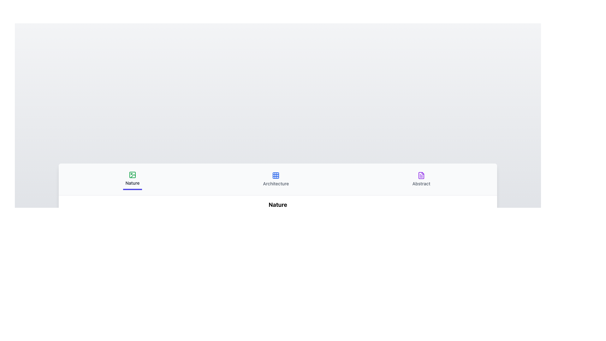 This screenshot has width=606, height=341. I want to click on the blue rounded icon representing the 'Architecture' tab, which is positioned centrally between 'Nature' and 'Abstract' in the tab arrangement, so click(276, 175).